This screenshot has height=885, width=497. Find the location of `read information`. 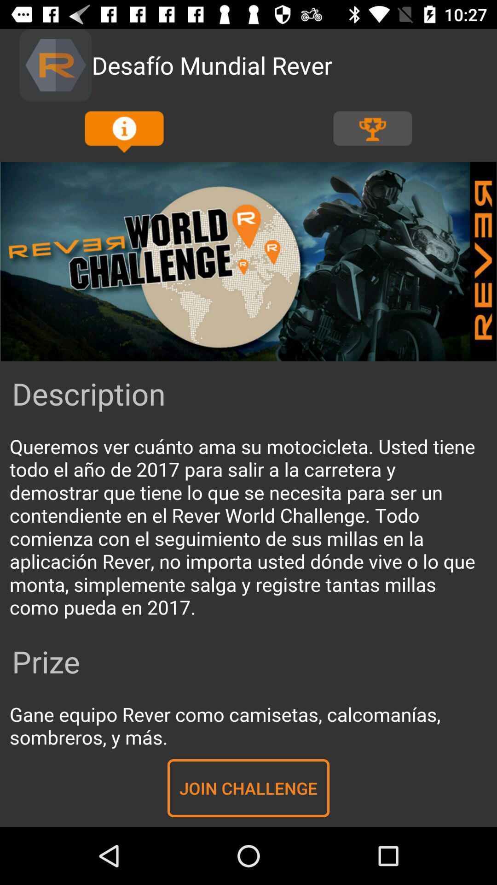

read information is located at coordinates (248, 527).